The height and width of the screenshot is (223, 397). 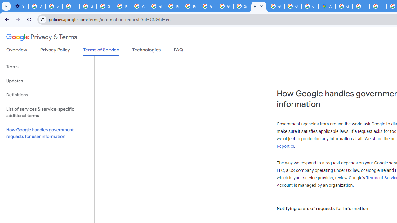 What do you see at coordinates (361, 6) in the screenshot?
I see `'Privacy Help Center - Policies Help'` at bounding box center [361, 6].